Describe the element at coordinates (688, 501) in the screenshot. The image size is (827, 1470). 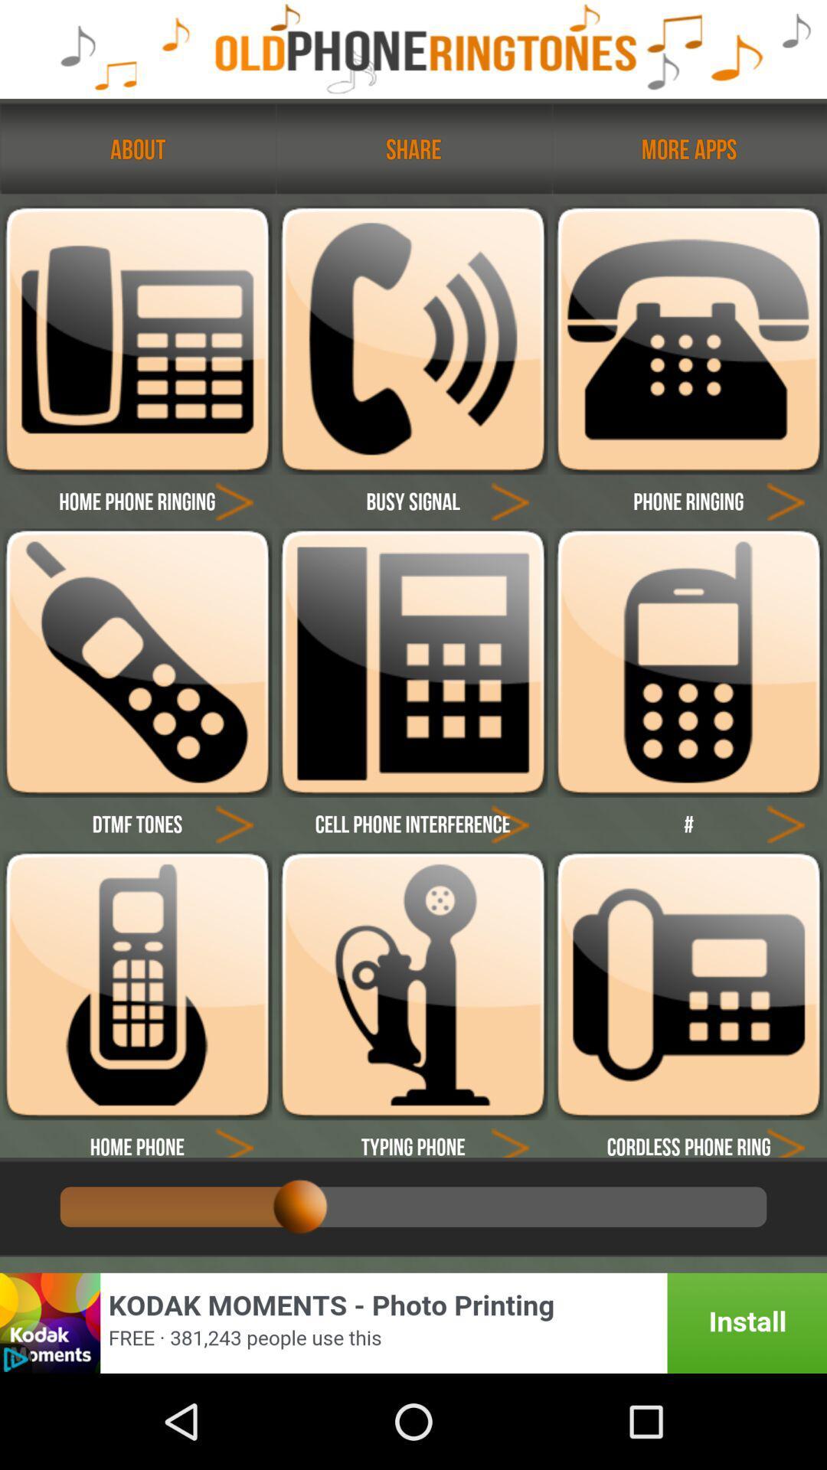
I see `text called phone ringing` at that location.